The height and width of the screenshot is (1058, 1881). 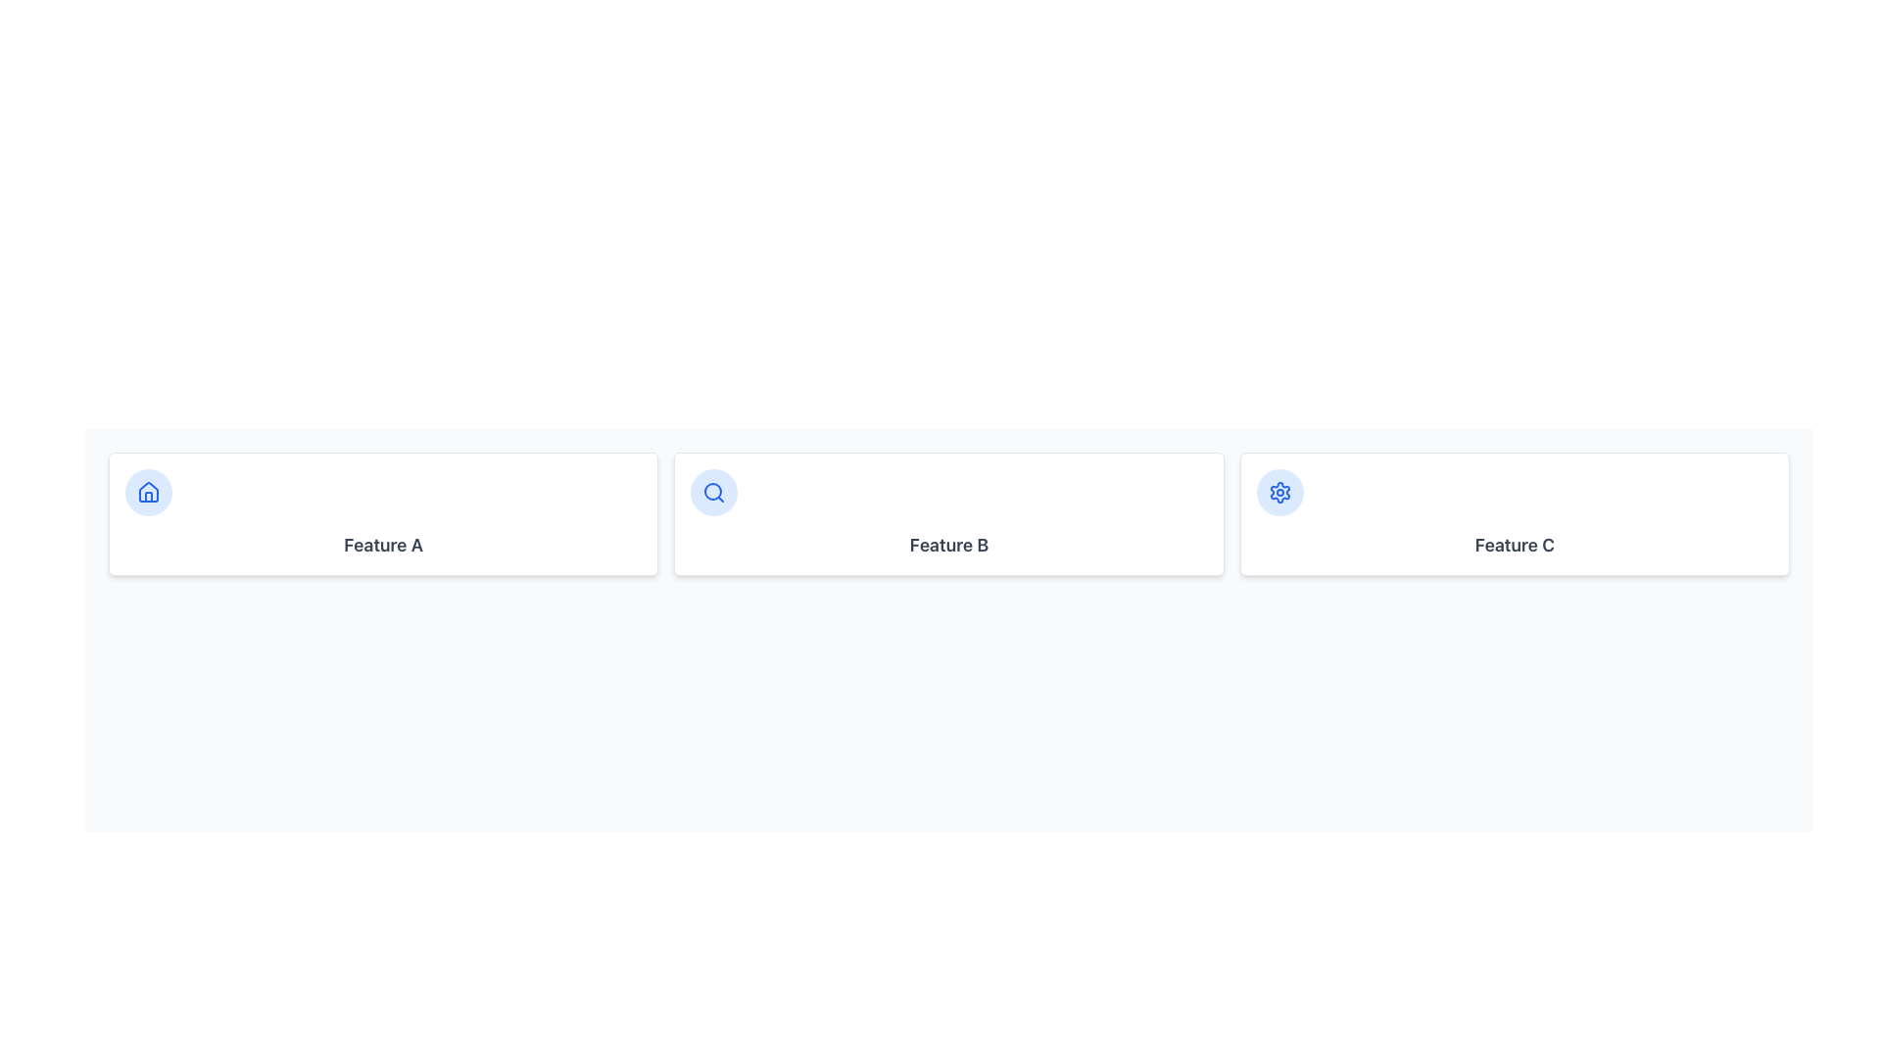 I want to click on the selectable card representing 'Feature A', which is the first card in a grid layout, so click(x=383, y=512).